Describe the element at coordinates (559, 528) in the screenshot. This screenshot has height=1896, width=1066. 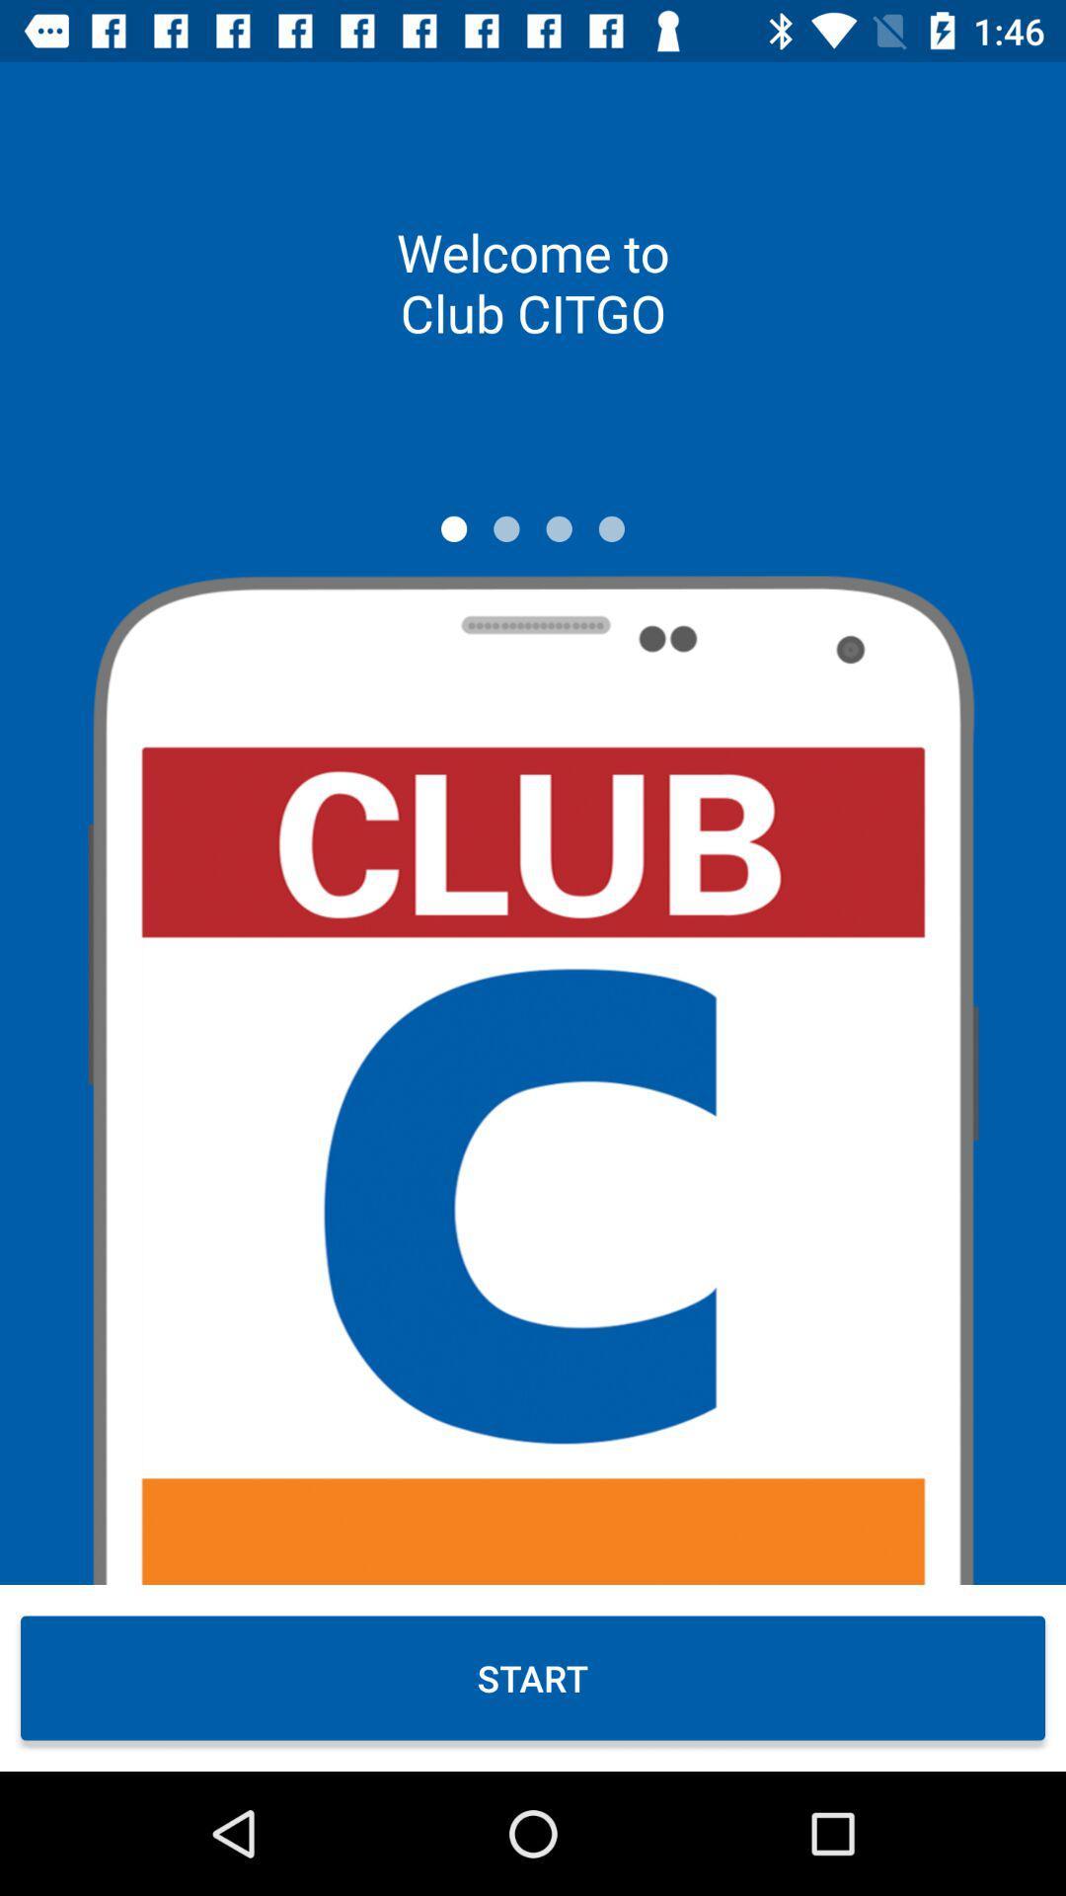
I see `icon below the welcome to club` at that location.